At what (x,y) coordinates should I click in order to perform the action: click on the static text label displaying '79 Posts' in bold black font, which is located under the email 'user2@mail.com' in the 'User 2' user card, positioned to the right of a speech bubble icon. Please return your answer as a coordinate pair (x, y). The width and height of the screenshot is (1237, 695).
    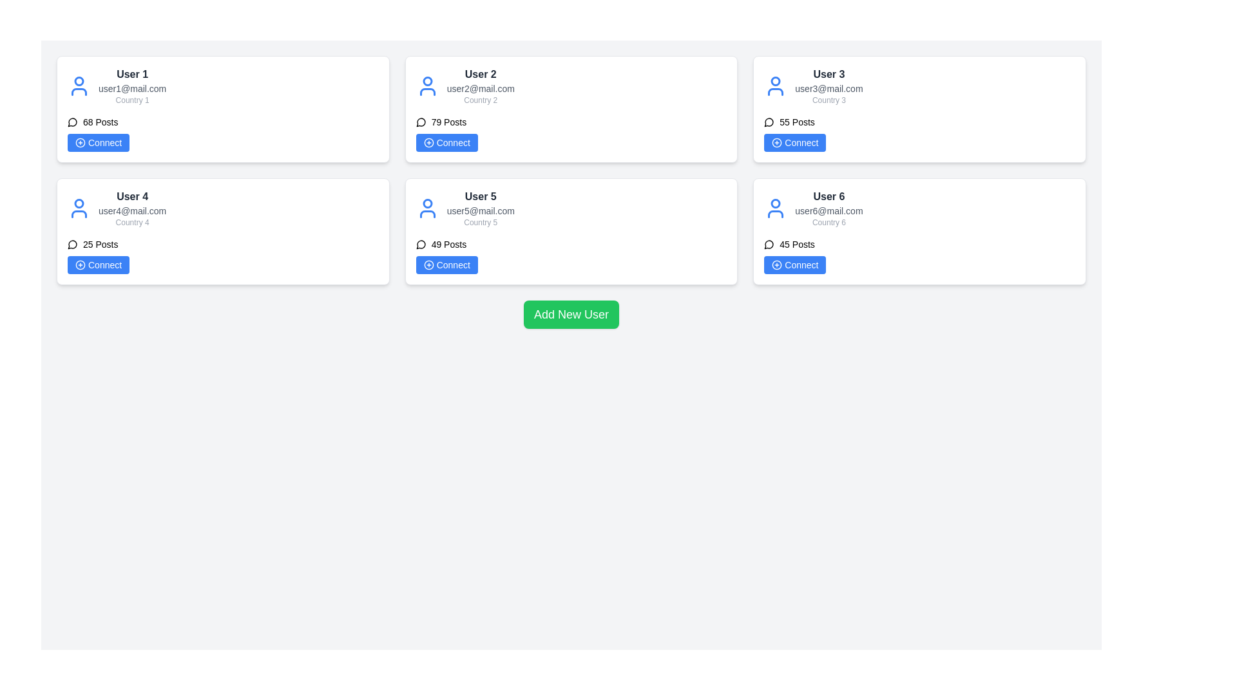
    Looking at the image, I should click on (448, 122).